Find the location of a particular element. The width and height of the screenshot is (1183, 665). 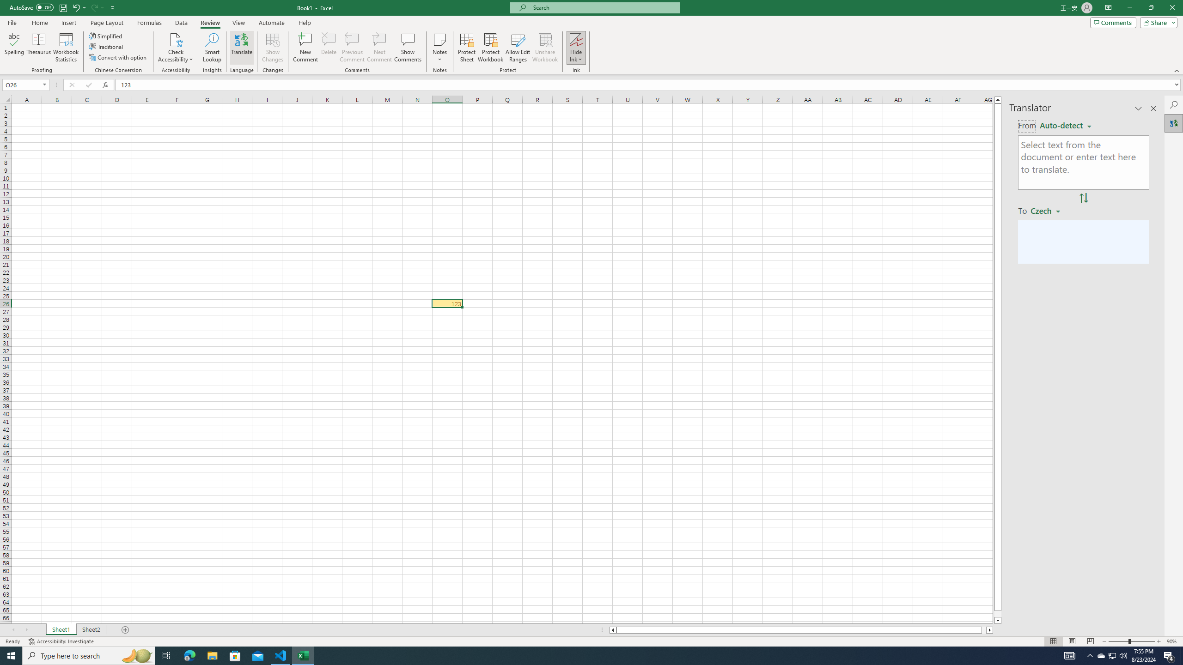

'Traditional' is located at coordinates (107, 46).